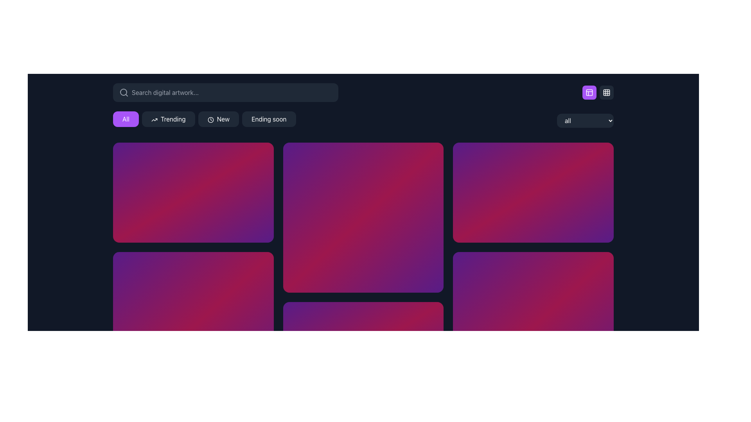 The image size is (751, 422). Describe the element at coordinates (168, 119) in the screenshot. I see `the 'Trending' button, which is a dark gray rectangular button with white text and a trending arrow icon on its left, to observe the hover effect` at that location.